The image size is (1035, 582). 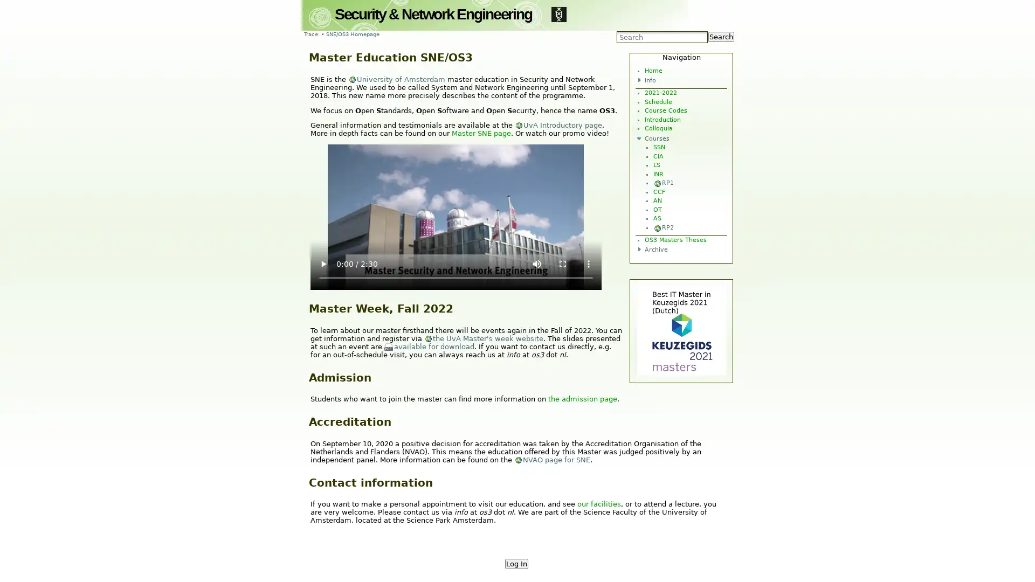 What do you see at coordinates (515, 563) in the screenshot?
I see `Log In` at bounding box center [515, 563].